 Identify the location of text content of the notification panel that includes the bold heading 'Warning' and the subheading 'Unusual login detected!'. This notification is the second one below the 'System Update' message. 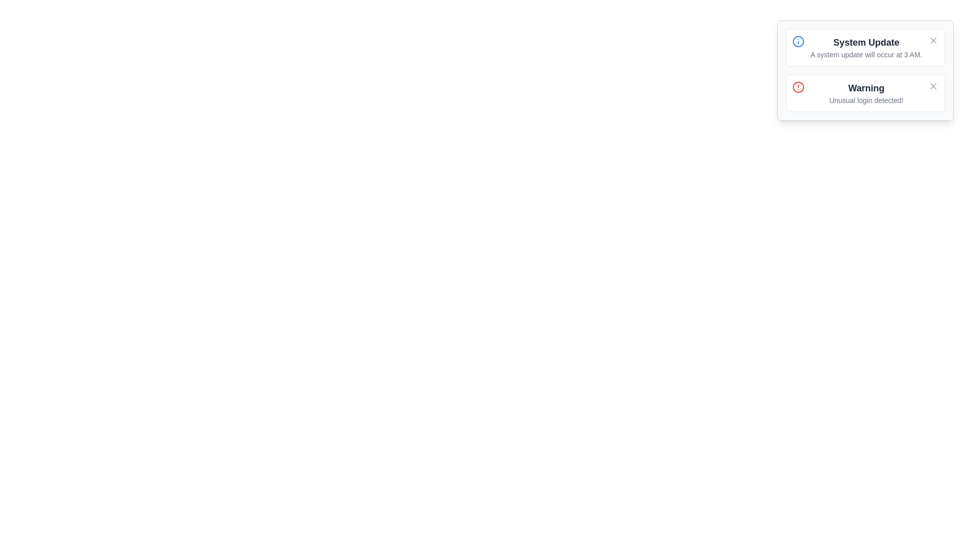
(865, 93).